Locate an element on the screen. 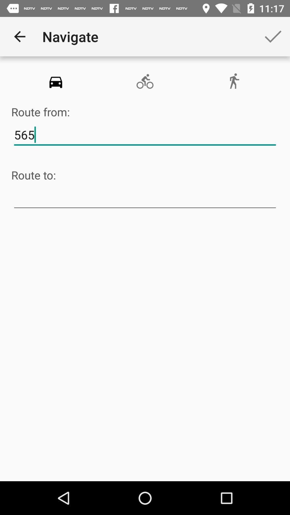 This screenshot has height=515, width=290. item above the route to: is located at coordinates (145, 135).